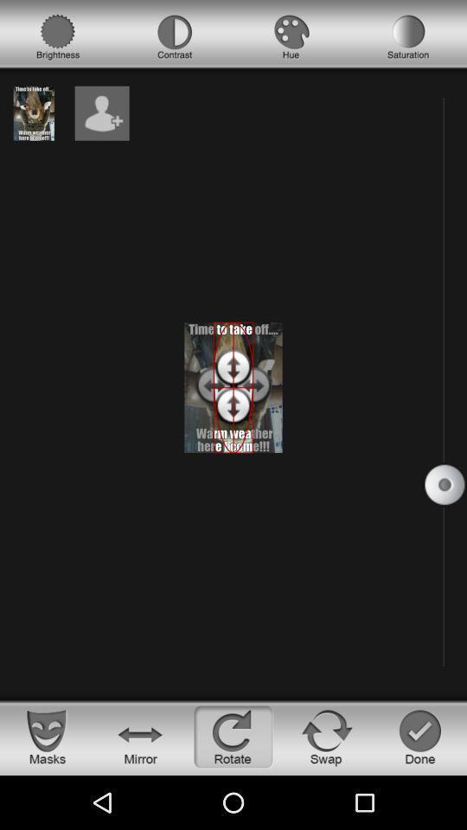  Describe the element at coordinates (419, 736) in the screenshot. I see `the check icon` at that location.